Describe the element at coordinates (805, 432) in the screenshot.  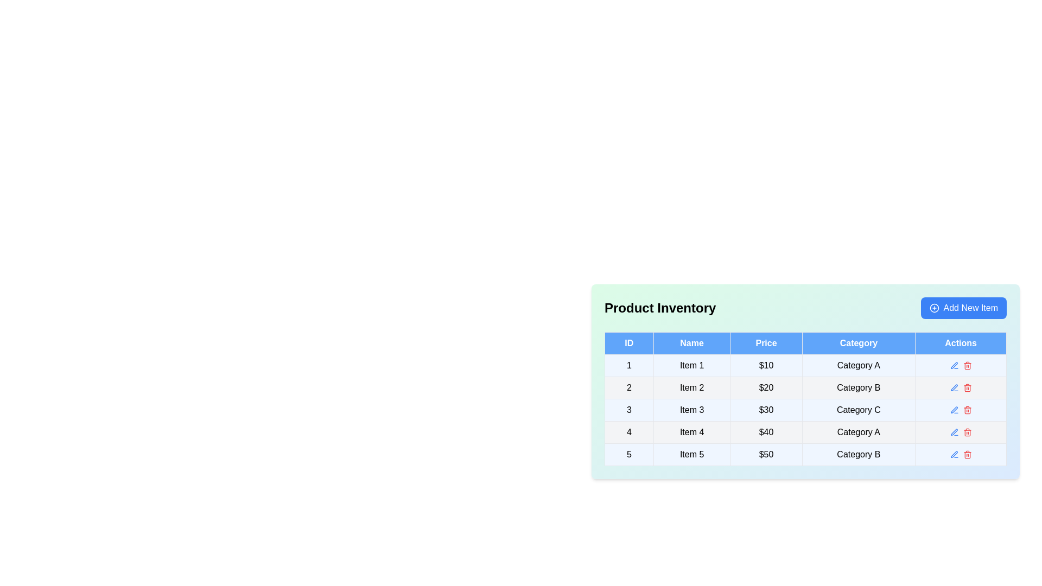
I see `the fourth row entry in the table containing information about 'Item 4', priced at '$40', and categorized under 'Category A'` at that location.